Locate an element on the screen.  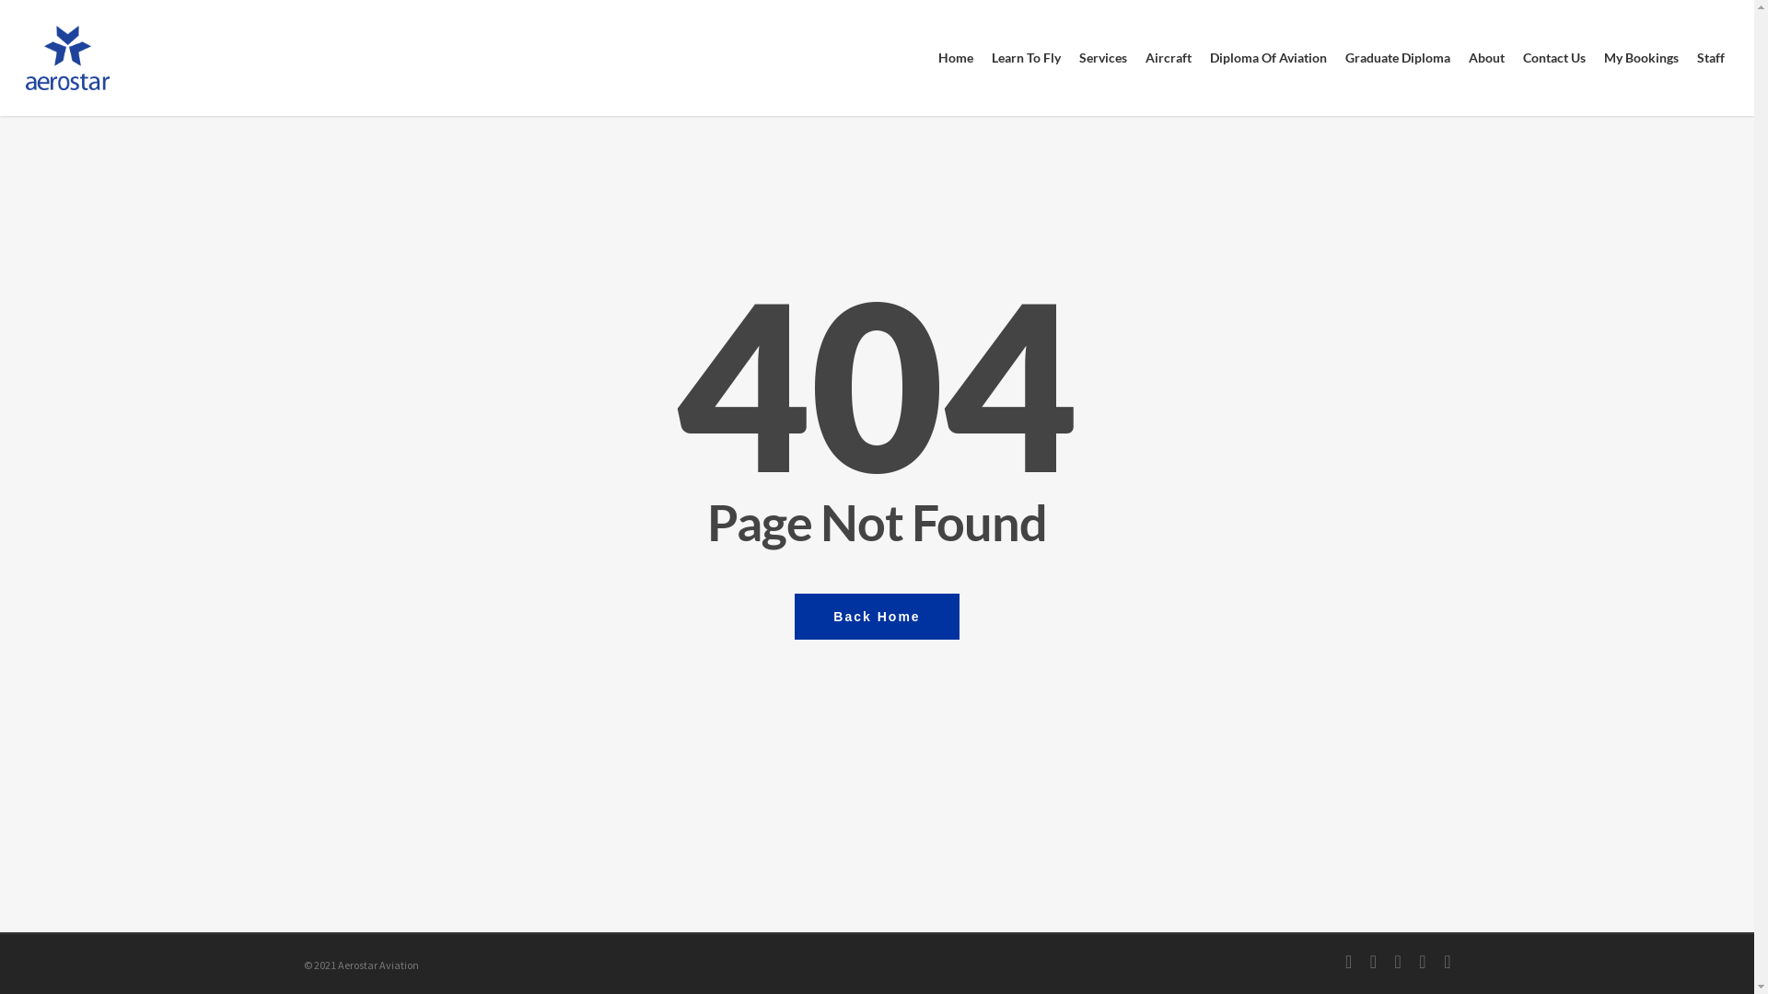
'Learn To Fly' is located at coordinates (1025, 56).